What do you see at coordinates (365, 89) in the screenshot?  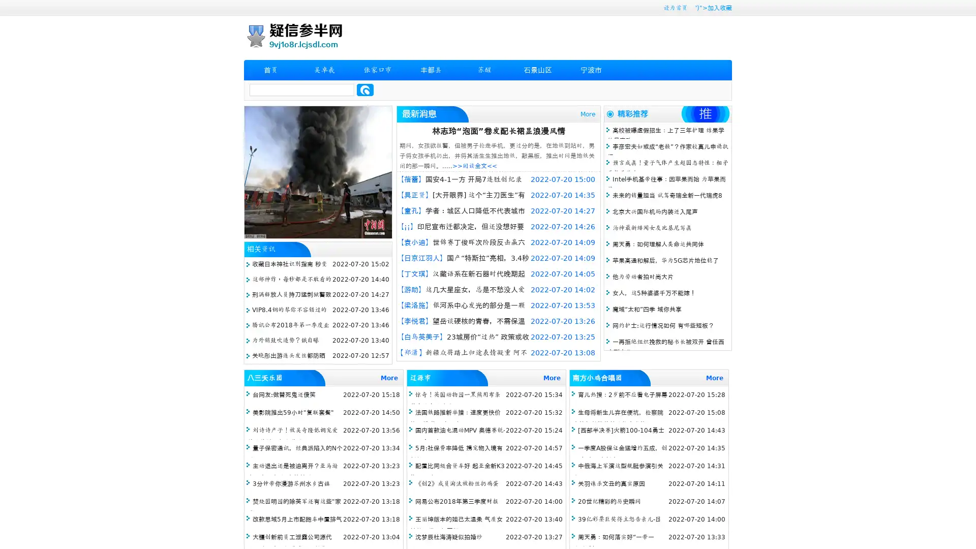 I see `Search` at bounding box center [365, 89].